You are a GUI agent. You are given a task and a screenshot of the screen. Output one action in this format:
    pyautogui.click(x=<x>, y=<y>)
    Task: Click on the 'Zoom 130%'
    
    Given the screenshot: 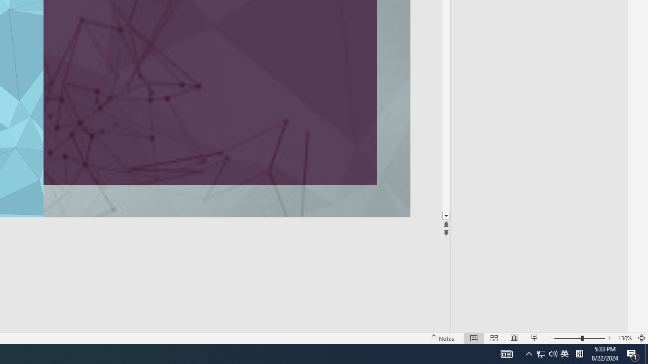 What is the action you would take?
    pyautogui.click(x=624, y=338)
    